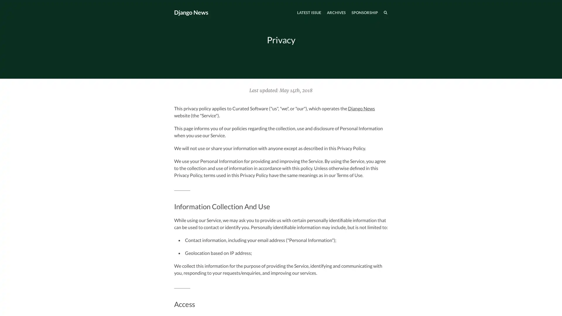 This screenshot has height=316, width=562. I want to click on SEARCH, so click(373, 12).